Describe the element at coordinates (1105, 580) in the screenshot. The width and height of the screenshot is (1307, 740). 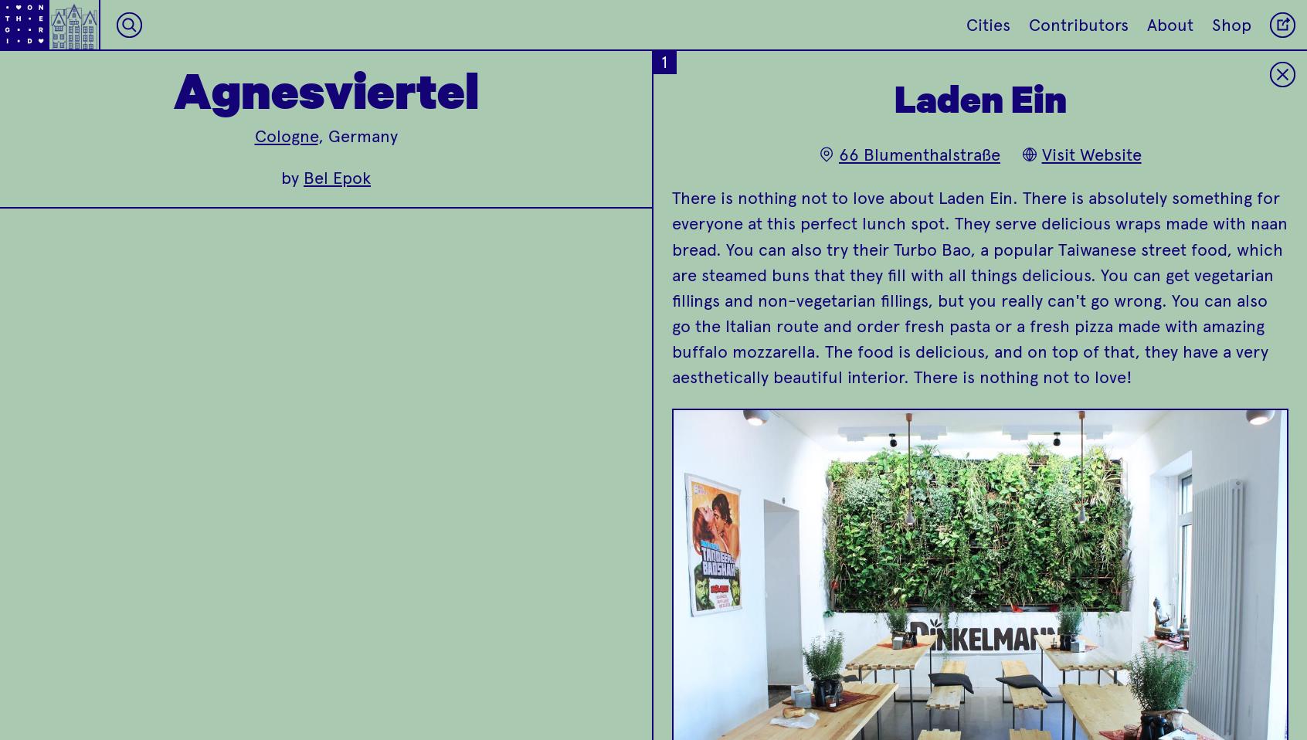
I see `'6'` at that location.